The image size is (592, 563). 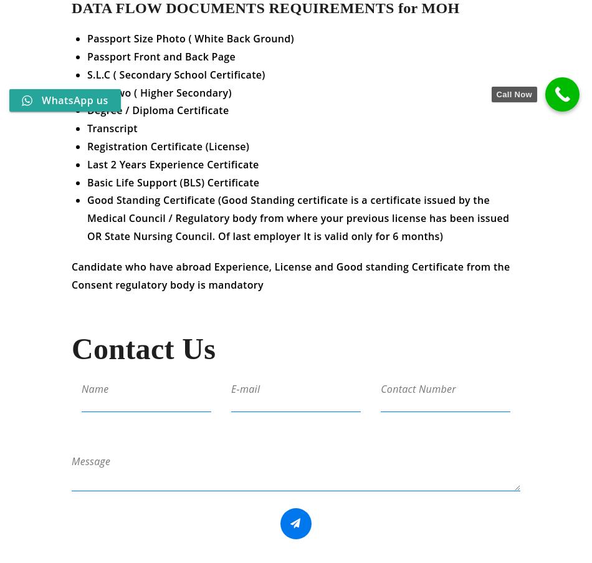 What do you see at coordinates (158, 100) in the screenshot?
I see `'Plus Two ( Higher Secondary)'` at bounding box center [158, 100].